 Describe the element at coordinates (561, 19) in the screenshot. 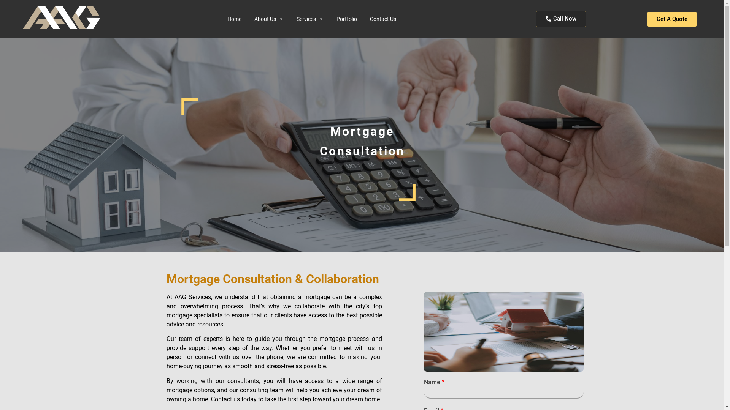

I see `'Call Now'` at that location.